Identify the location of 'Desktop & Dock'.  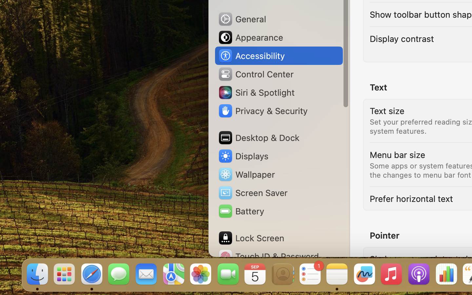
(258, 138).